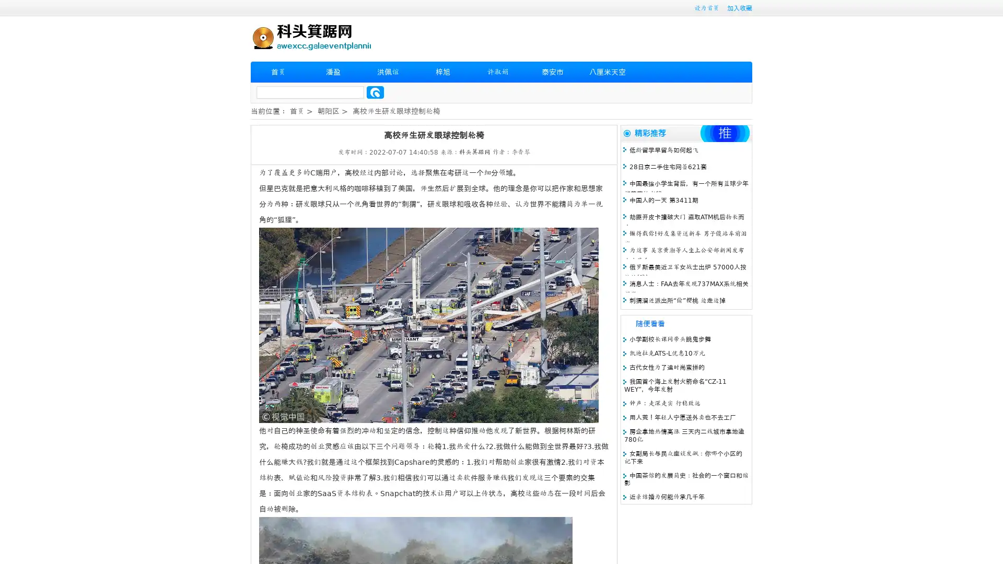 This screenshot has width=1003, height=564. What do you see at coordinates (375, 92) in the screenshot?
I see `Search` at bounding box center [375, 92].